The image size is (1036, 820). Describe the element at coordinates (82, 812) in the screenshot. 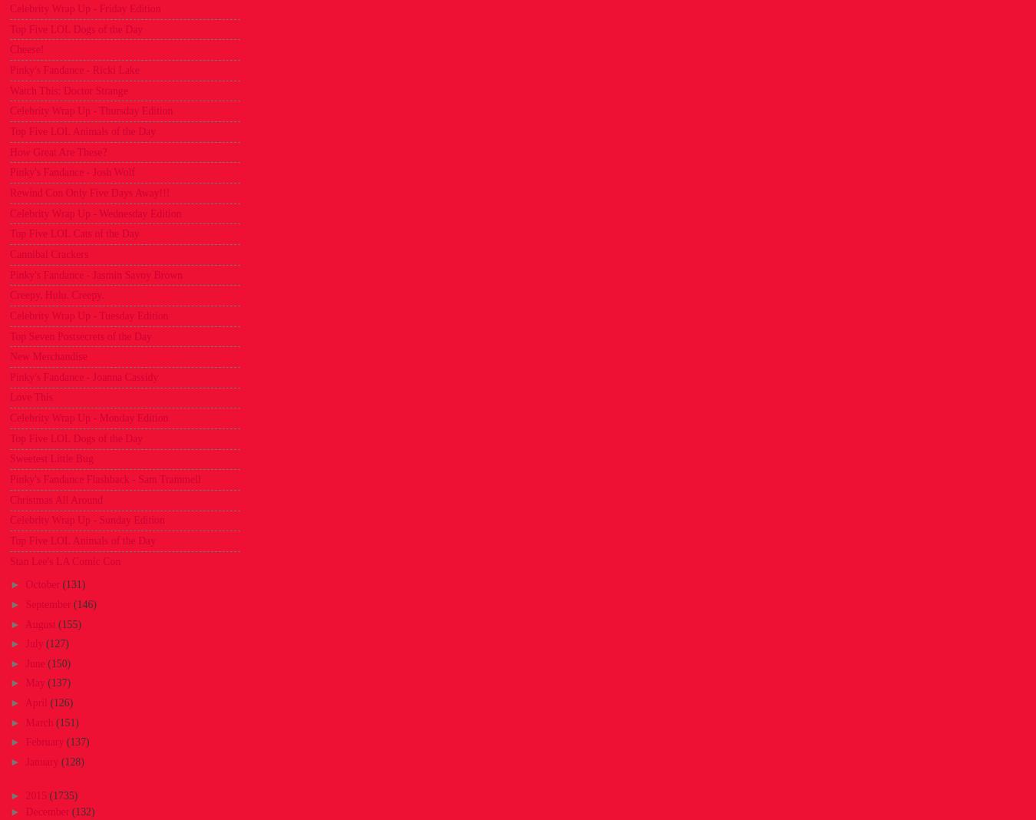

I see `'(132)'` at that location.